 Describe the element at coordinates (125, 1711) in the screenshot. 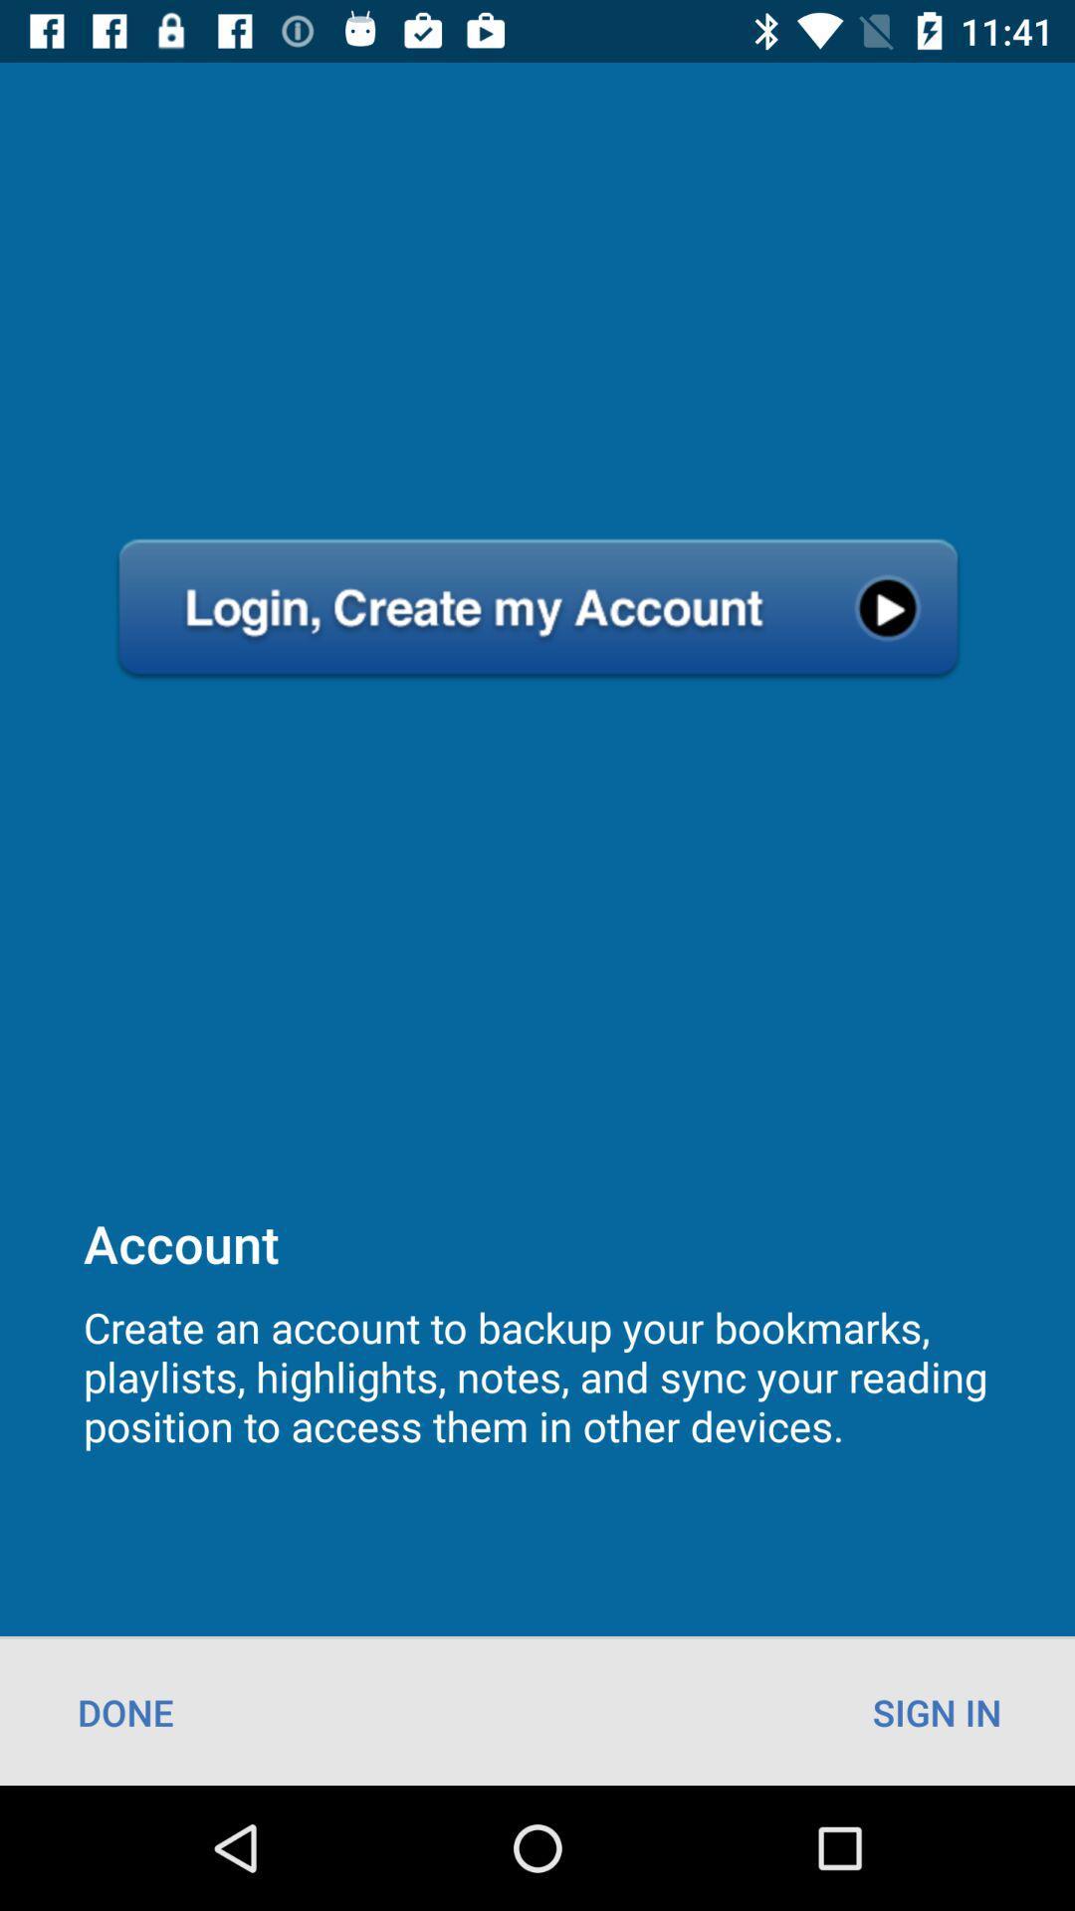

I see `done item` at that location.